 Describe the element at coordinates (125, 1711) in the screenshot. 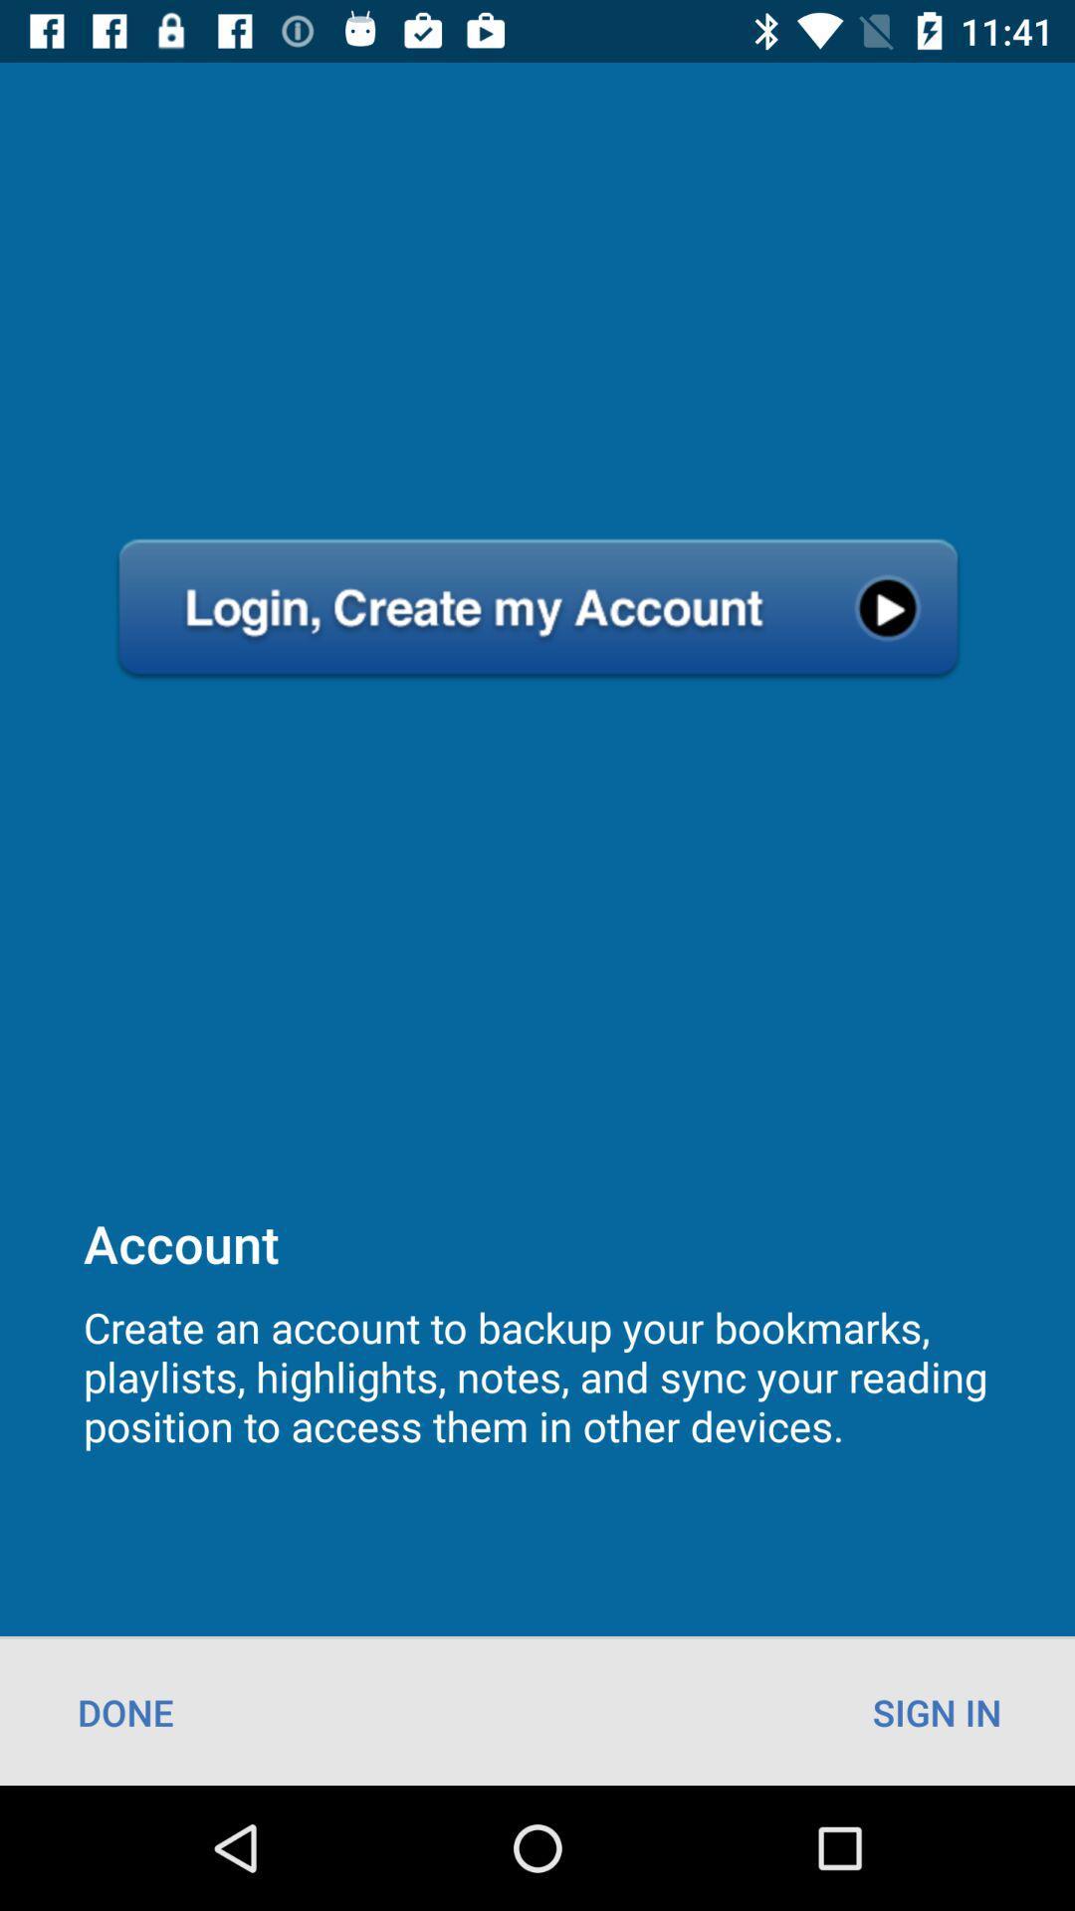

I see `done item` at that location.